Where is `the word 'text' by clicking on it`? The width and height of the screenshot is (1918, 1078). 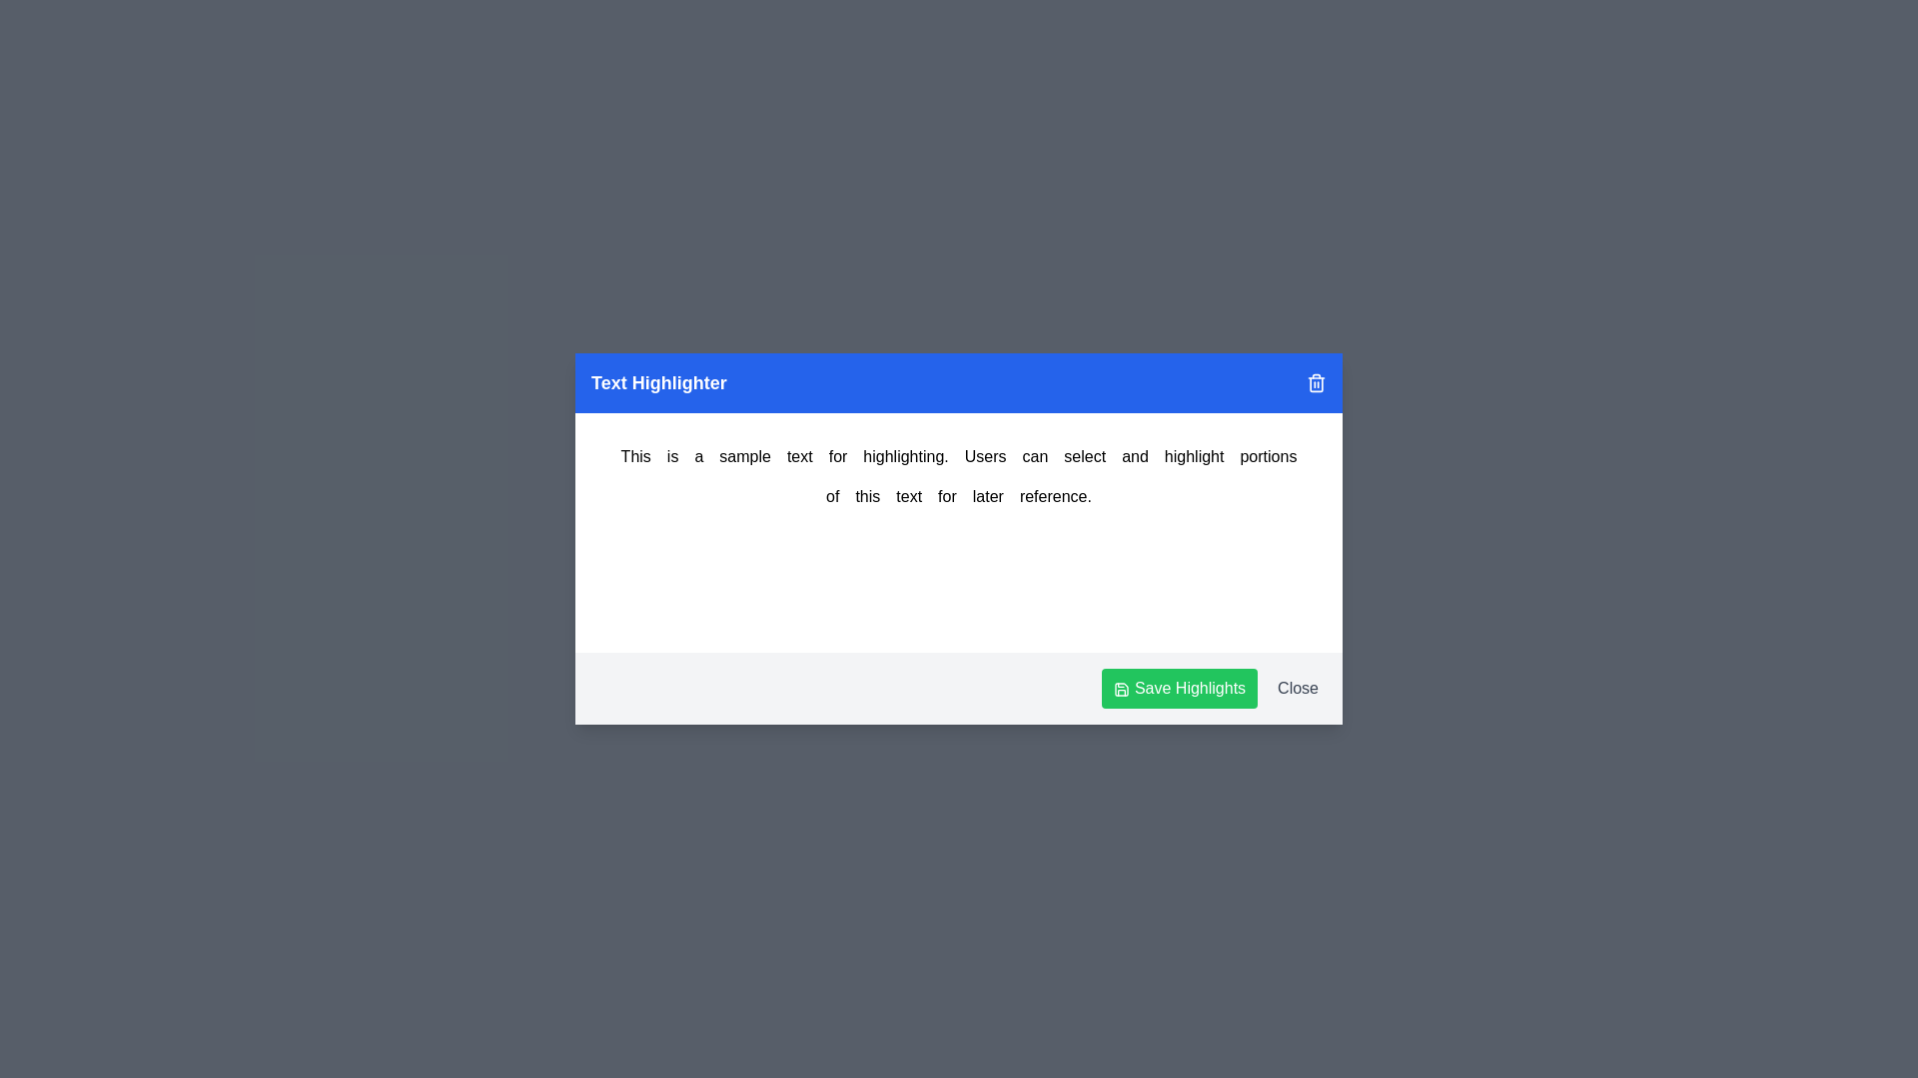
the word 'text' by clicking on it is located at coordinates (908, 495).